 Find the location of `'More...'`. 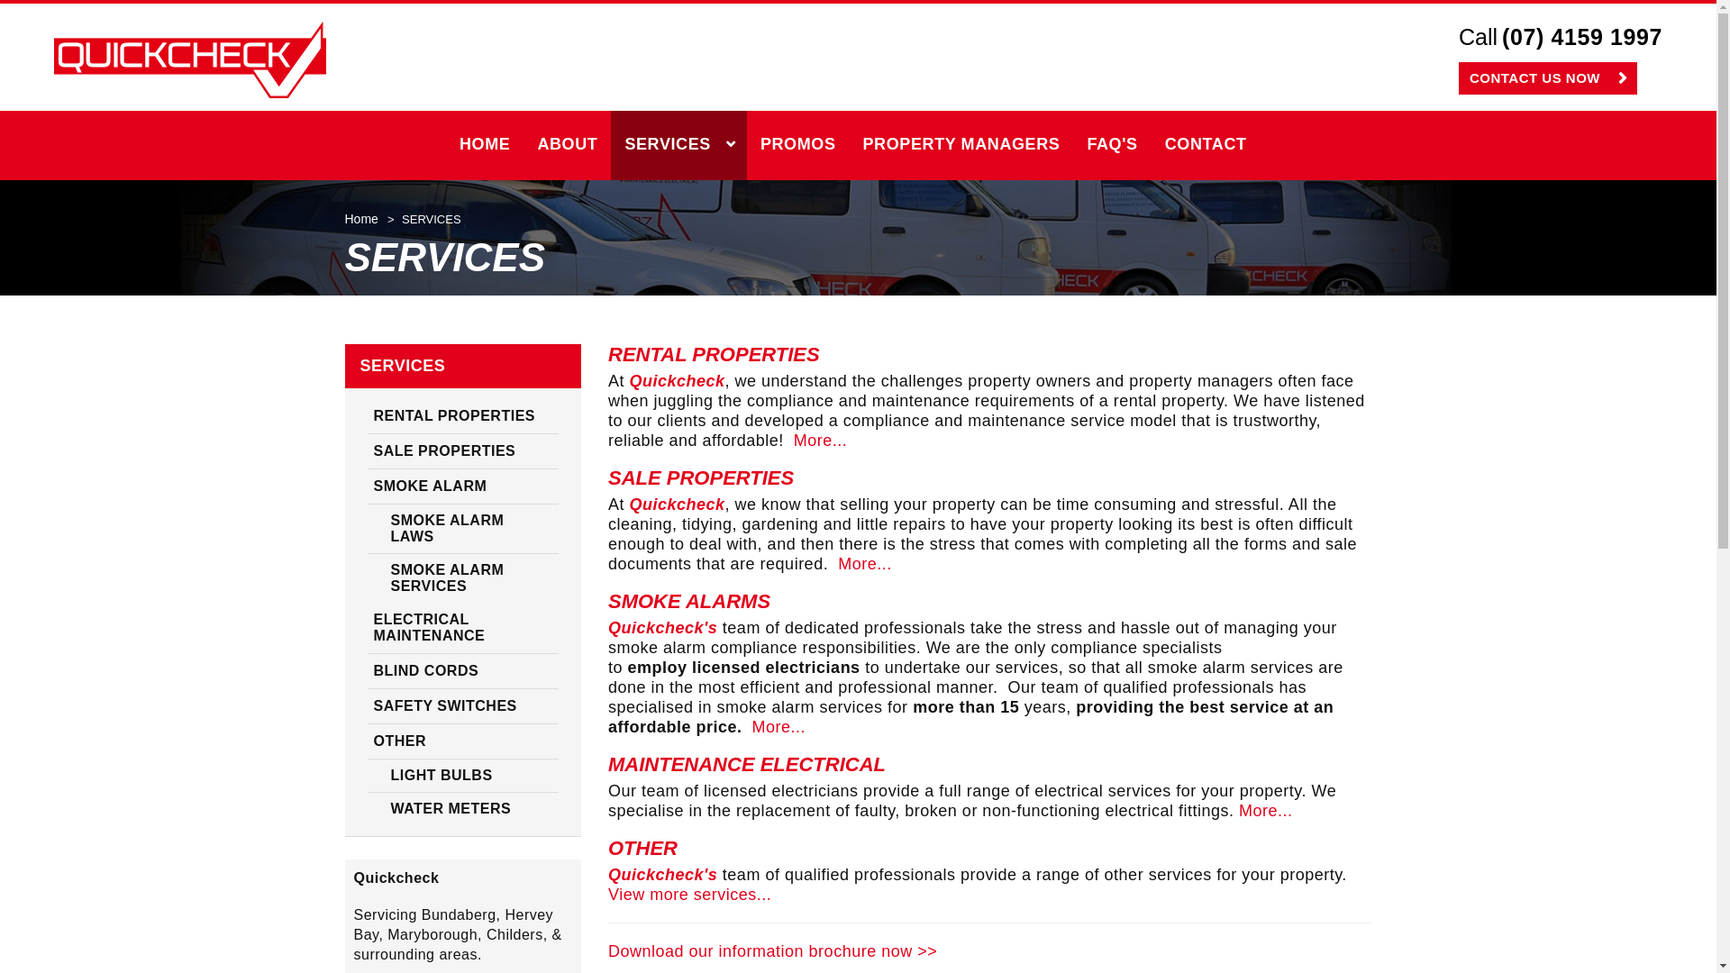

'More...' is located at coordinates (778, 725).